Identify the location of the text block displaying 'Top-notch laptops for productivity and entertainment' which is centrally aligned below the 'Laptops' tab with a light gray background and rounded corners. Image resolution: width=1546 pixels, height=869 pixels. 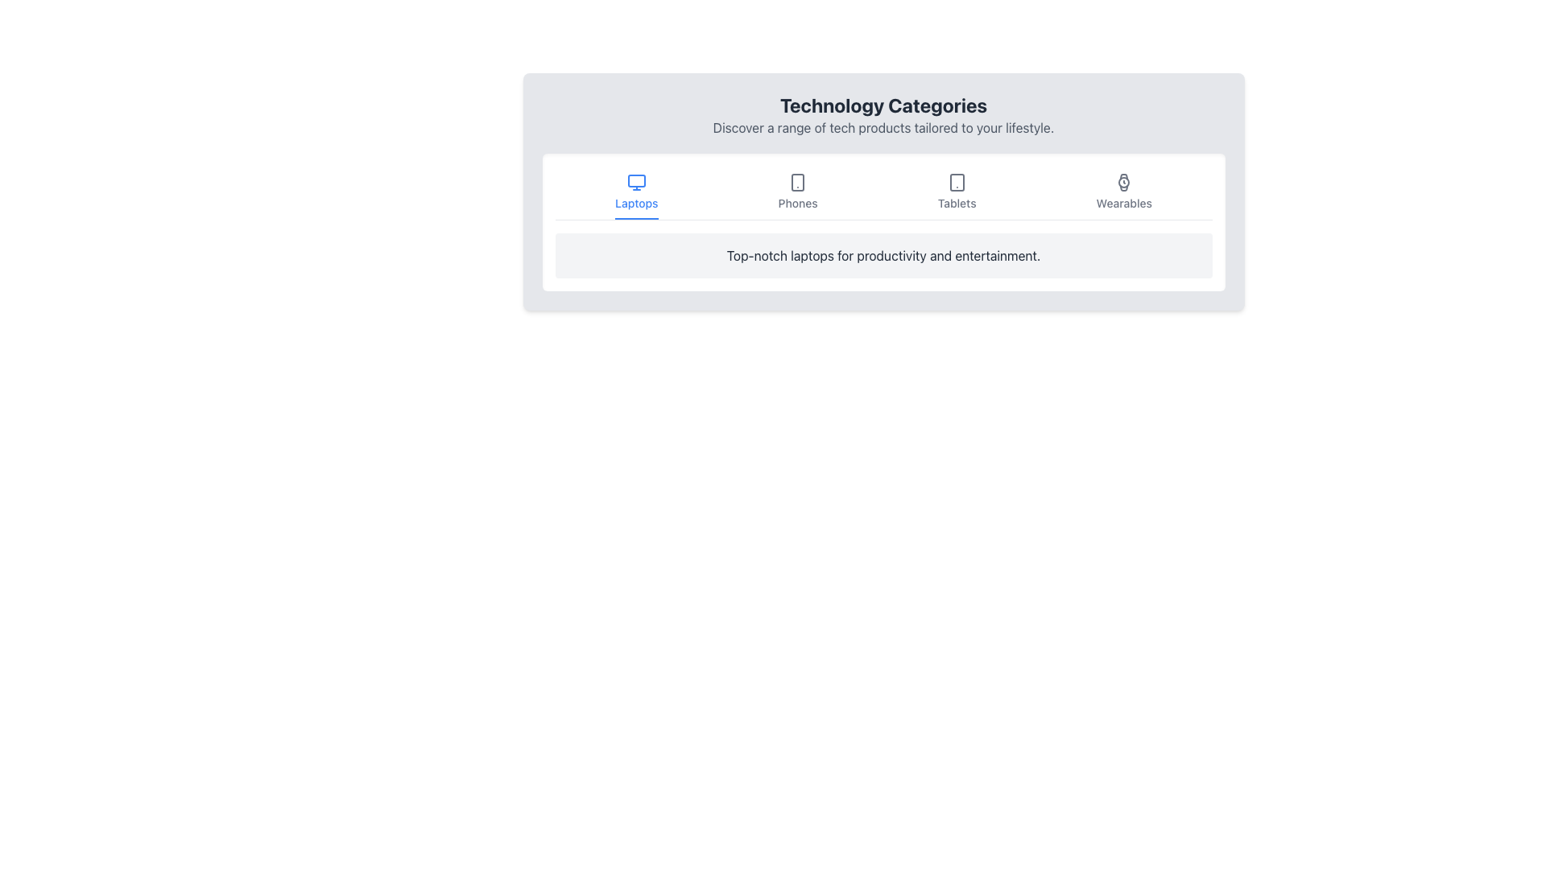
(883, 254).